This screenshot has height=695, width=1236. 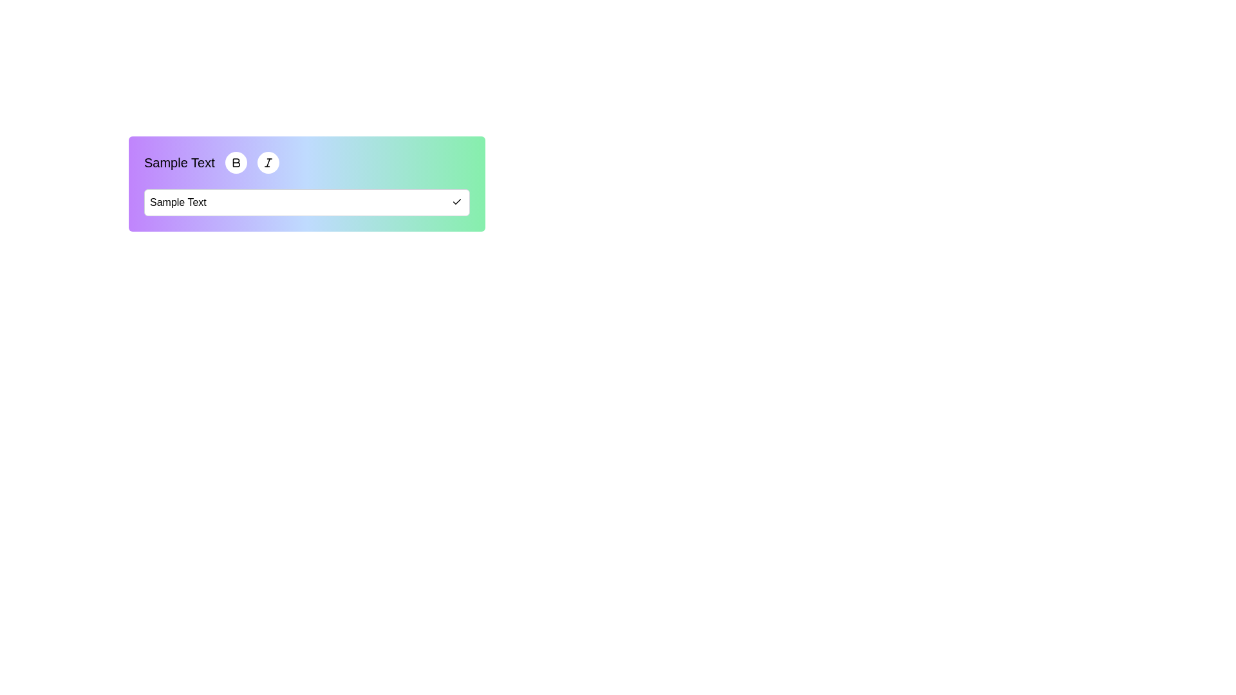 What do you see at coordinates (457, 201) in the screenshot?
I see `the SVG-based checkmark icon located in the top-right corner of the input field to indicate confirmation or selection` at bounding box center [457, 201].